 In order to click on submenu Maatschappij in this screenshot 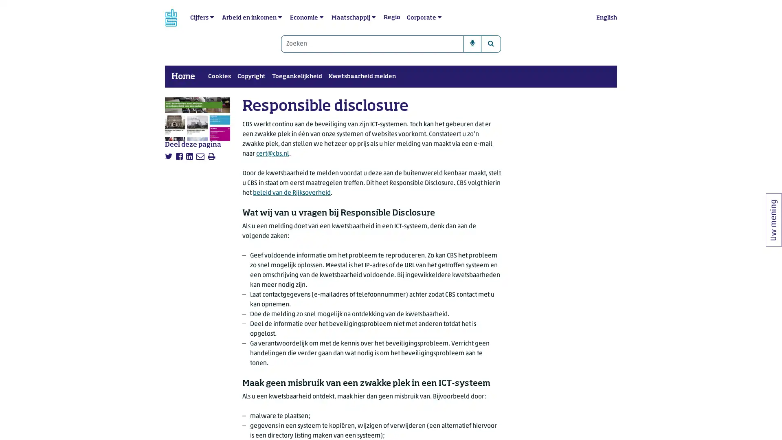, I will do `click(373, 17)`.